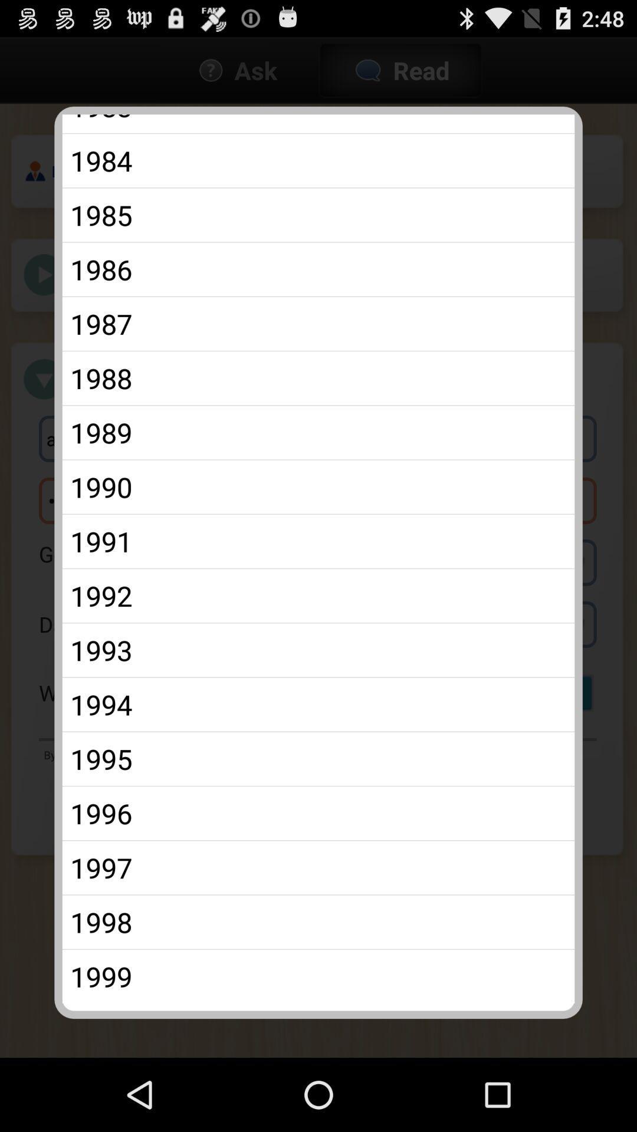  Describe the element at coordinates (318, 541) in the screenshot. I see `the 1991 icon` at that location.